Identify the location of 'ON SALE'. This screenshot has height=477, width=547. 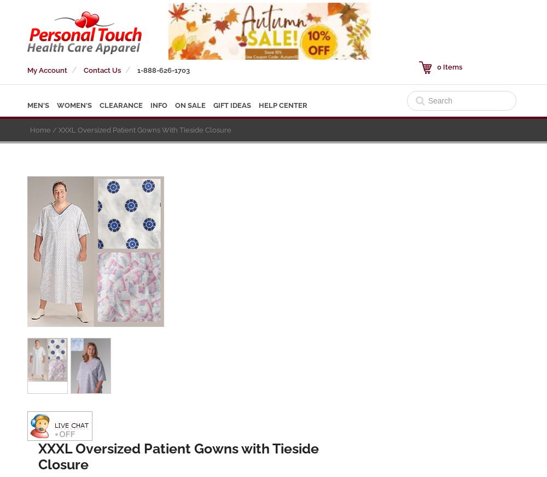
(190, 105).